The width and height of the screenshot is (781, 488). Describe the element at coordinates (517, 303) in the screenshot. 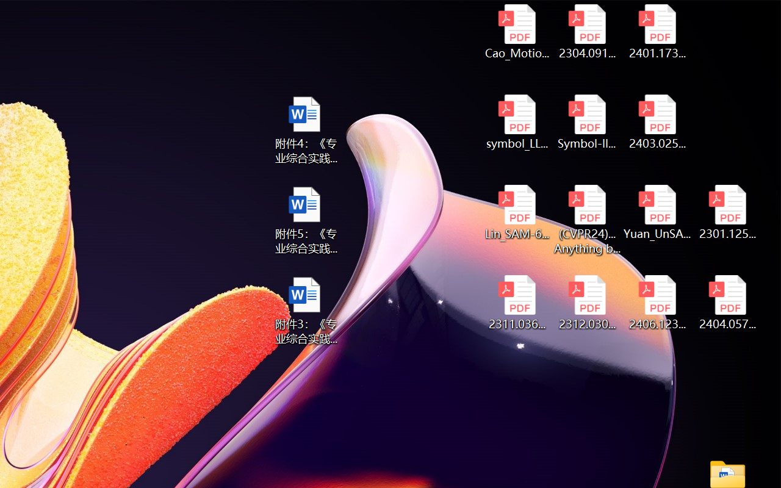

I see `'2311.03658v2.pdf'` at that location.